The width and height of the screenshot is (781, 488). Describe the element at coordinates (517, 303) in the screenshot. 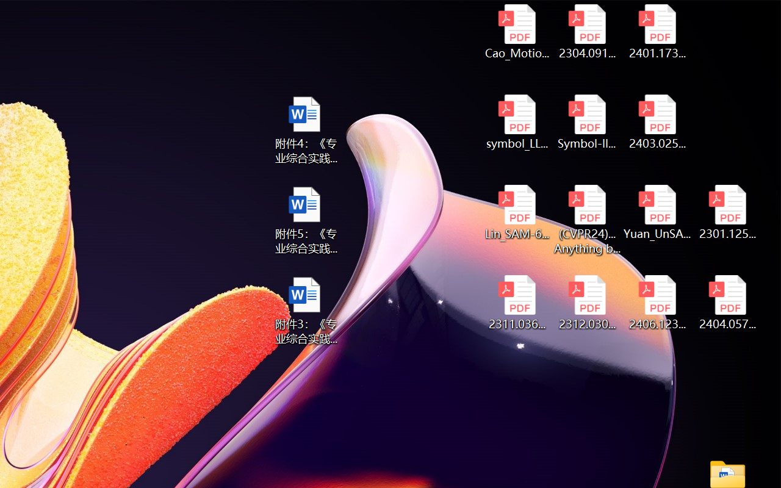

I see `'2311.03658v2.pdf'` at that location.